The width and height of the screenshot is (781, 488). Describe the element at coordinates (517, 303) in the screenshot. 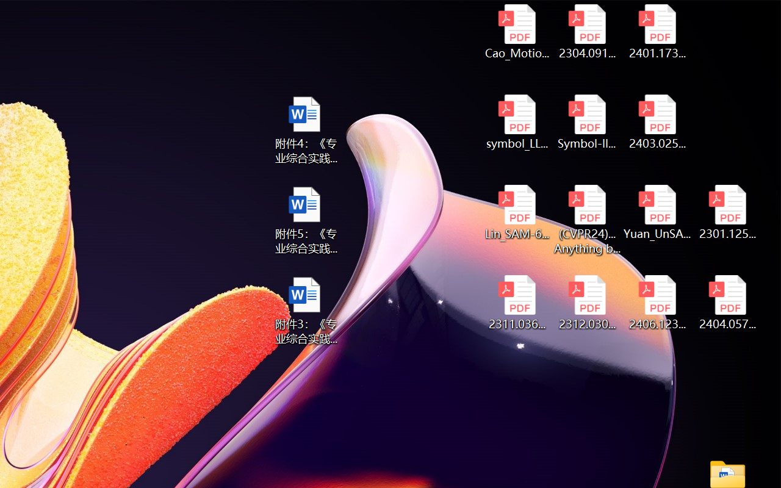

I see `'2311.03658v2.pdf'` at that location.